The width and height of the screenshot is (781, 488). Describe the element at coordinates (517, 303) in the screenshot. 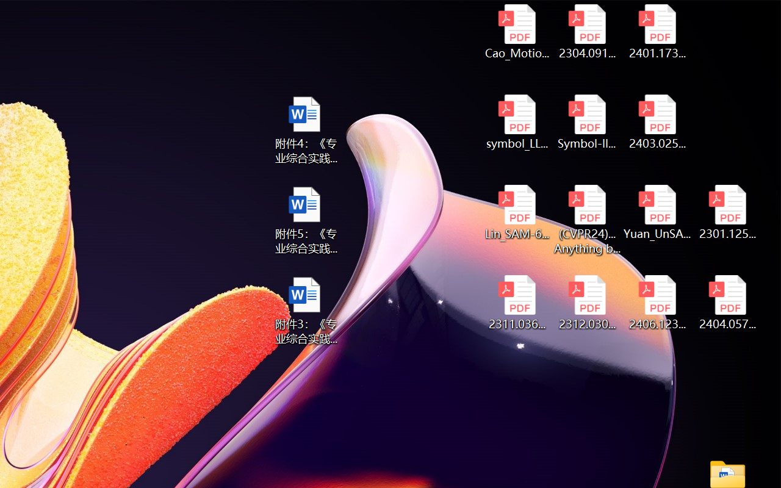

I see `'2311.03658v2.pdf'` at that location.